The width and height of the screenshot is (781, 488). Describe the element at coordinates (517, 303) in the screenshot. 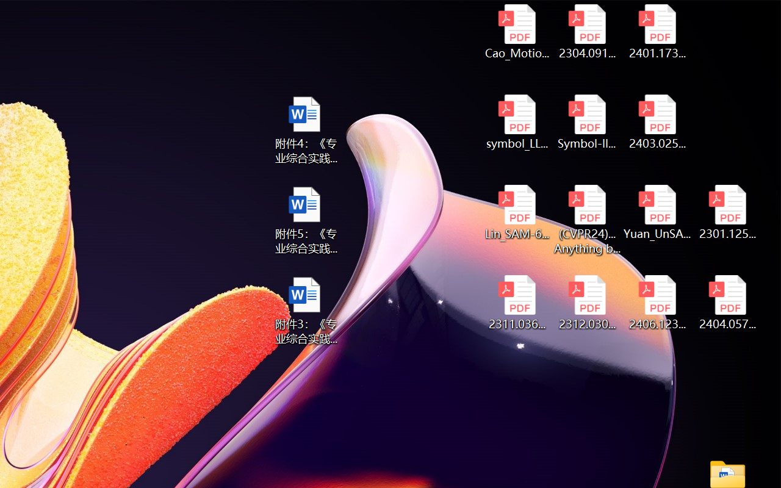

I see `'2311.03658v2.pdf'` at that location.